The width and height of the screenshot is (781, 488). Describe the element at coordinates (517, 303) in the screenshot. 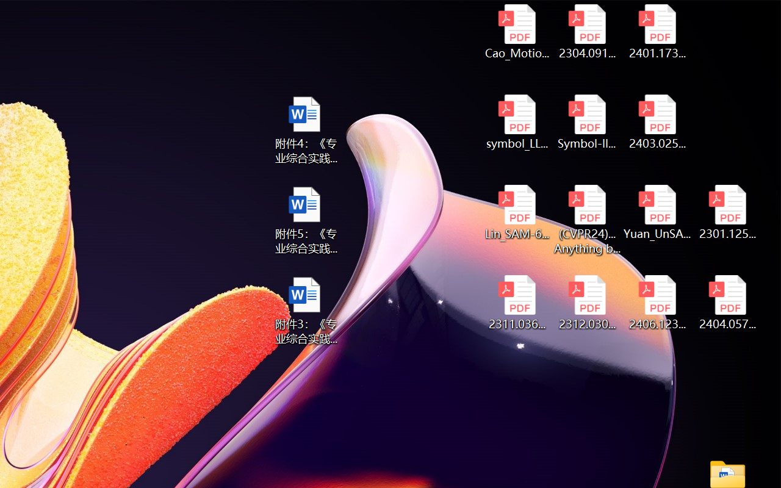

I see `'2311.03658v2.pdf'` at that location.